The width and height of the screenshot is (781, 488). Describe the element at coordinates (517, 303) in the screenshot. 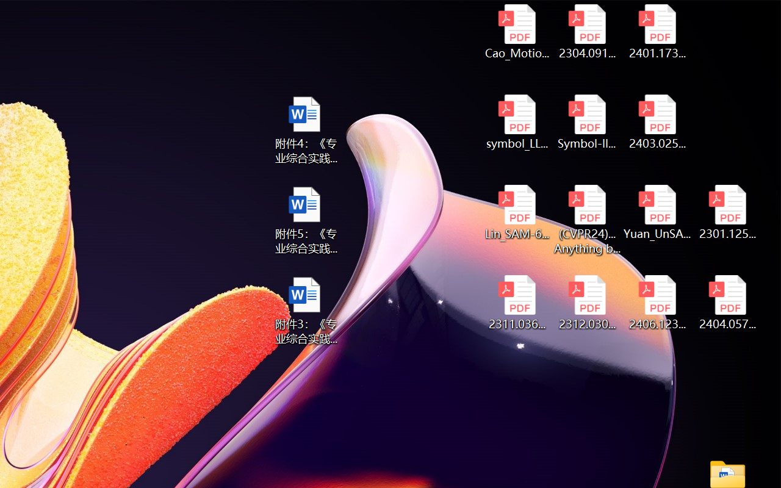

I see `'2311.03658v2.pdf'` at that location.